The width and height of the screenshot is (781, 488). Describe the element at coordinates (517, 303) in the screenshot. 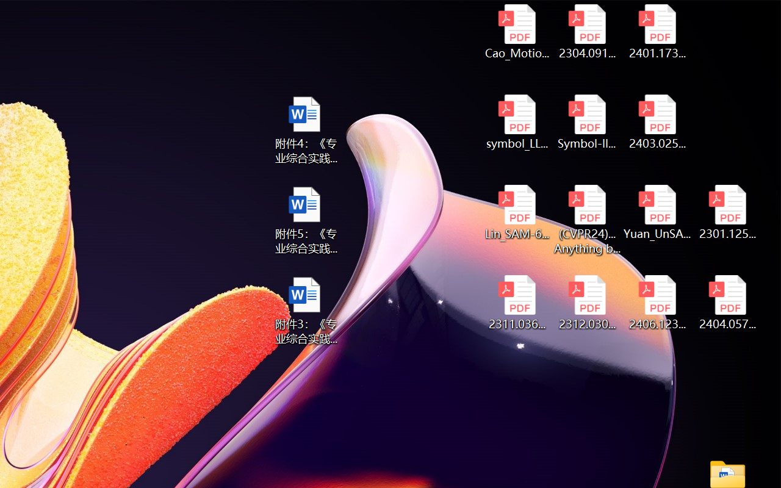

I see `'2311.03658v2.pdf'` at that location.